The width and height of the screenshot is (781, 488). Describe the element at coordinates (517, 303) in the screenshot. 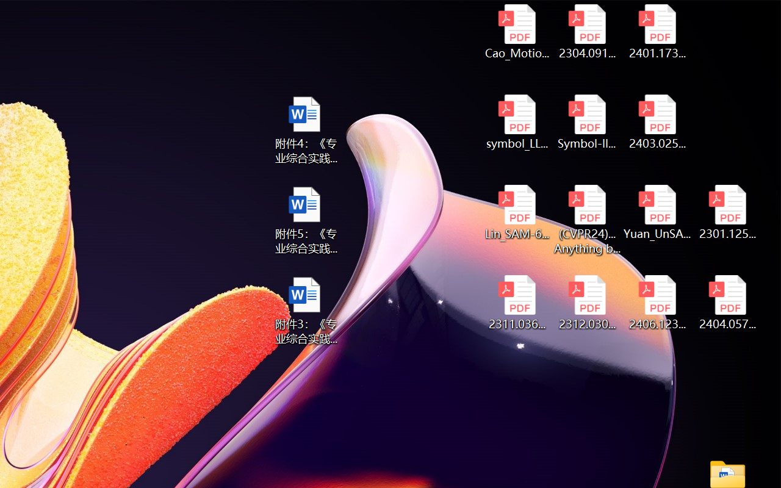

I see `'2311.03658v2.pdf'` at that location.